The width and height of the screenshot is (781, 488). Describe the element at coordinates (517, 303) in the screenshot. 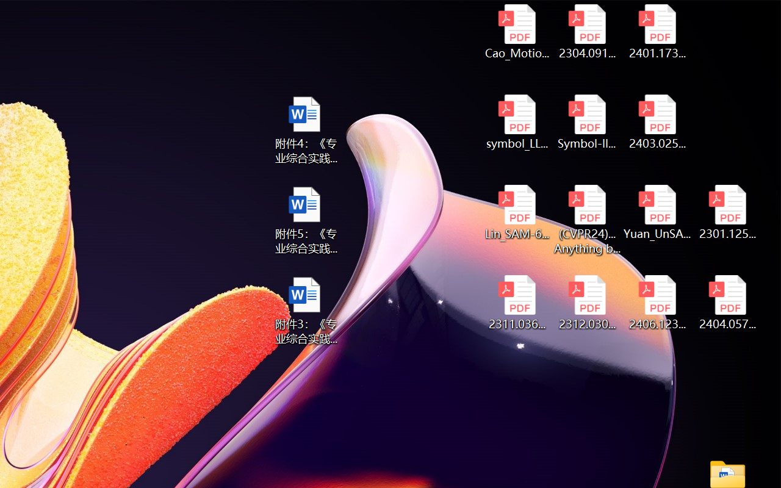

I see `'2311.03658v2.pdf'` at that location.